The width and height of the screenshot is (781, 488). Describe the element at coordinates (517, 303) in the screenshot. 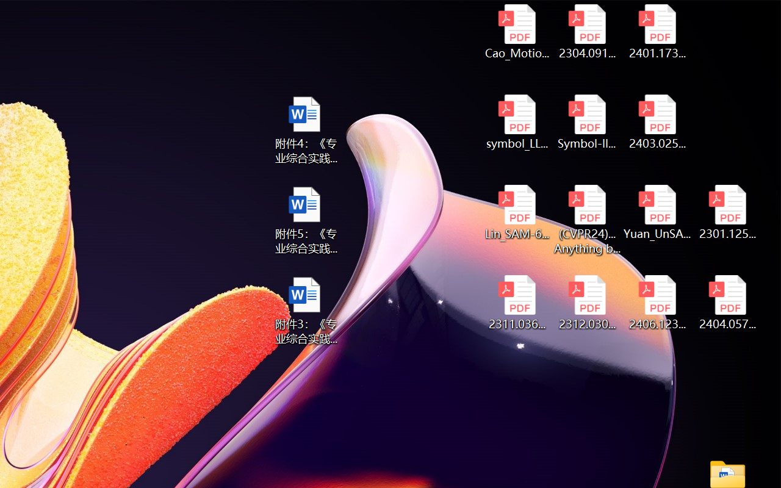

I see `'2311.03658v2.pdf'` at that location.